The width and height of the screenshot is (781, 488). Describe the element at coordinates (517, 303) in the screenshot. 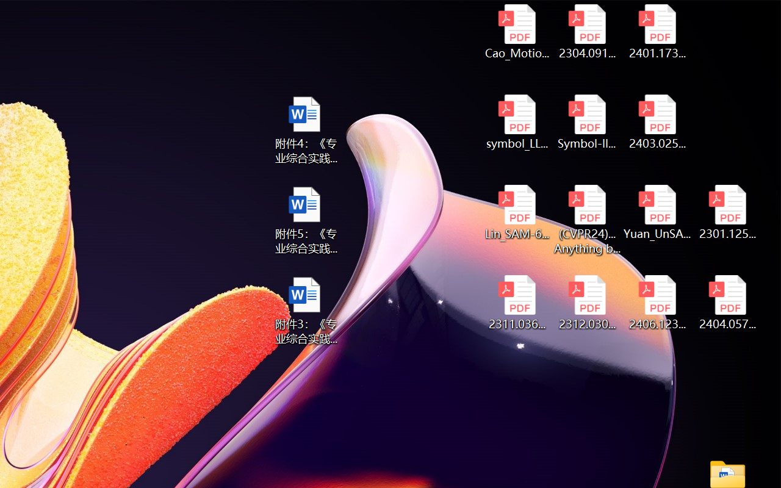

I see `'2311.03658v2.pdf'` at that location.